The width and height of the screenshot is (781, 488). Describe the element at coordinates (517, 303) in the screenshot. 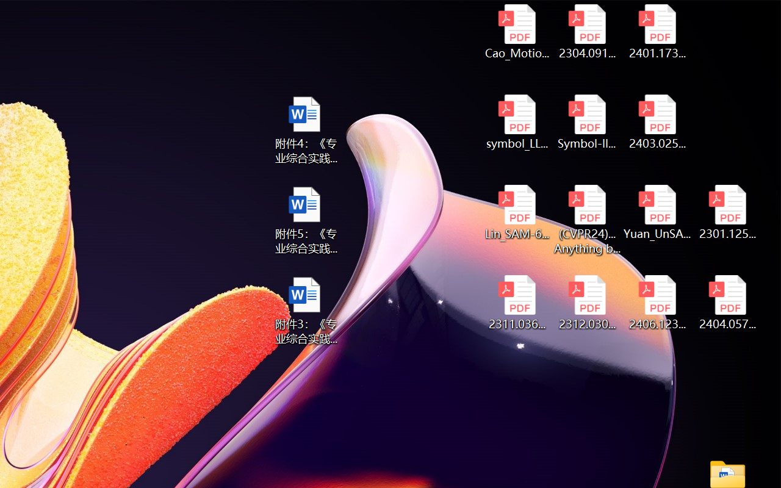

I see `'2311.03658v2.pdf'` at that location.